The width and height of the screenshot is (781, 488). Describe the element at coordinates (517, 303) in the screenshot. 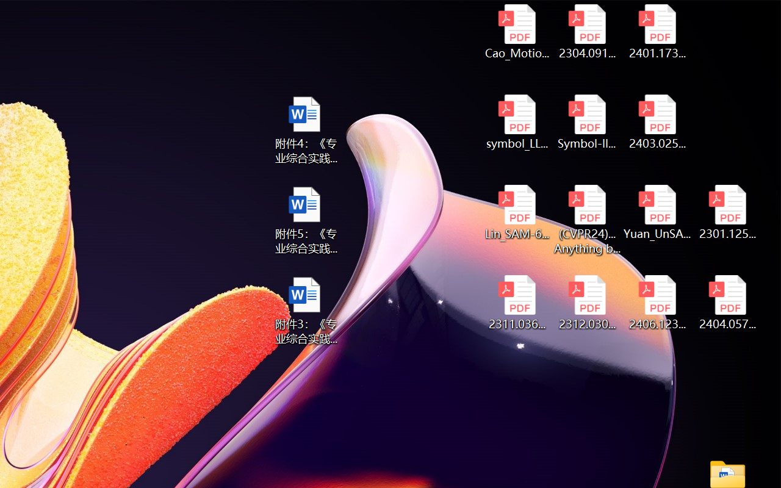

I see `'2311.03658v2.pdf'` at that location.